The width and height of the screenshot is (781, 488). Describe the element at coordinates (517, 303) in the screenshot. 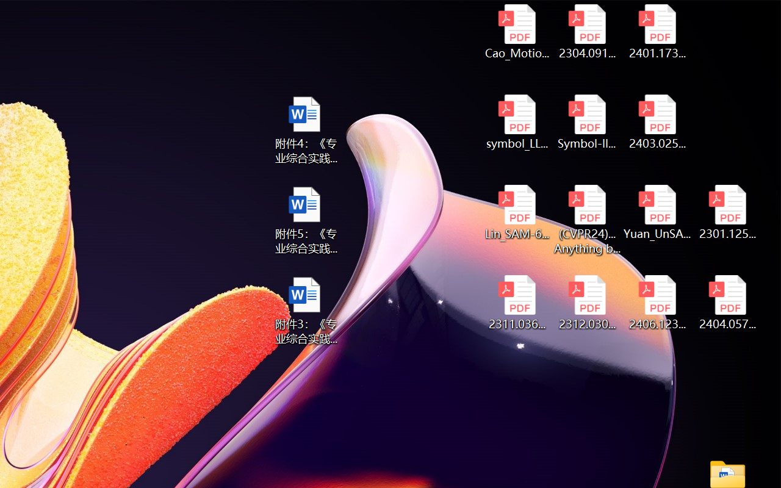

I see `'2311.03658v2.pdf'` at that location.